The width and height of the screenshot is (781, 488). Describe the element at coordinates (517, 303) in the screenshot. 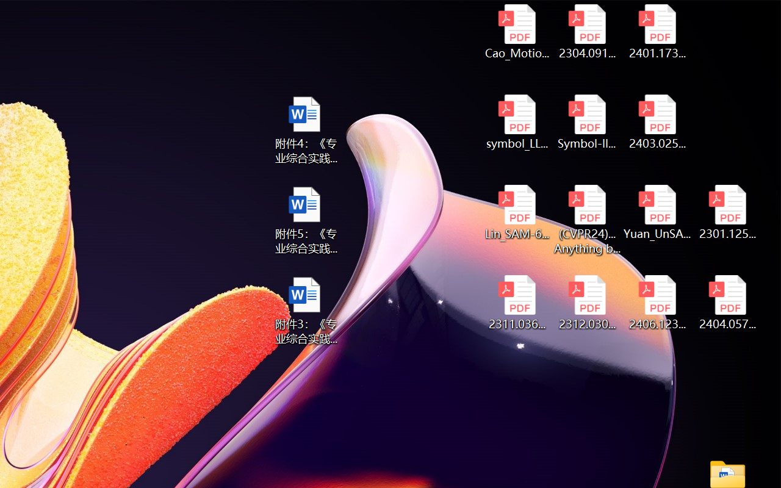

I see `'2311.03658v2.pdf'` at that location.